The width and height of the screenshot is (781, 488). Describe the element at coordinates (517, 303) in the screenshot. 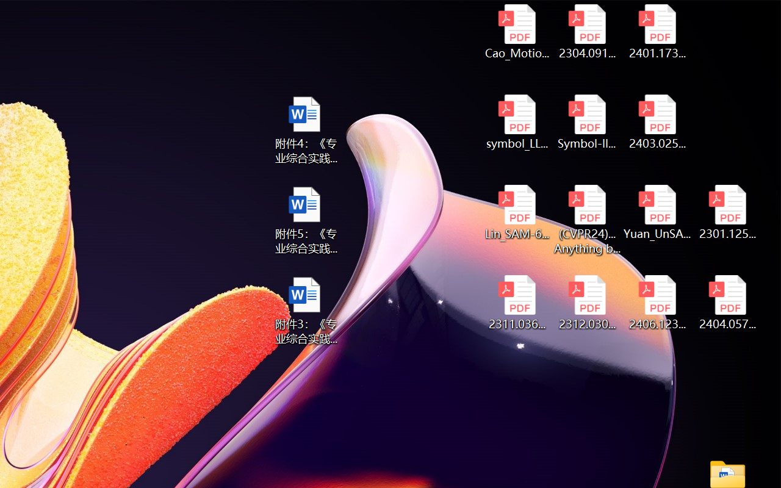

I see `'2311.03658v2.pdf'` at that location.